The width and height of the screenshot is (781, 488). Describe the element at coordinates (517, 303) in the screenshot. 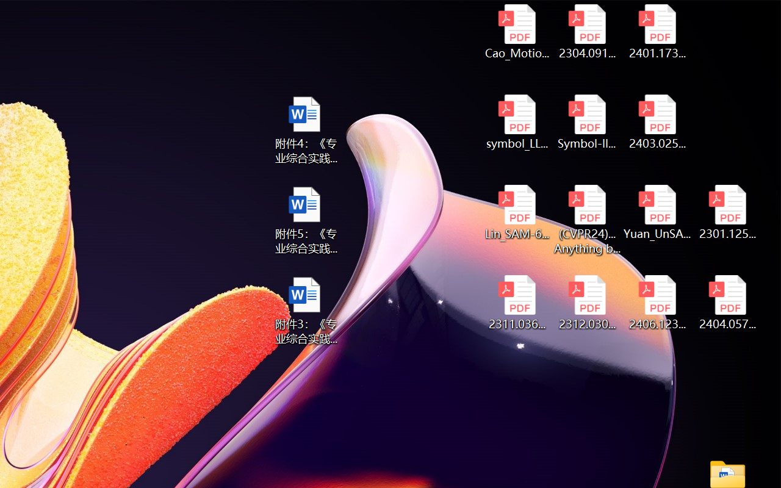

I see `'2311.03658v2.pdf'` at that location.